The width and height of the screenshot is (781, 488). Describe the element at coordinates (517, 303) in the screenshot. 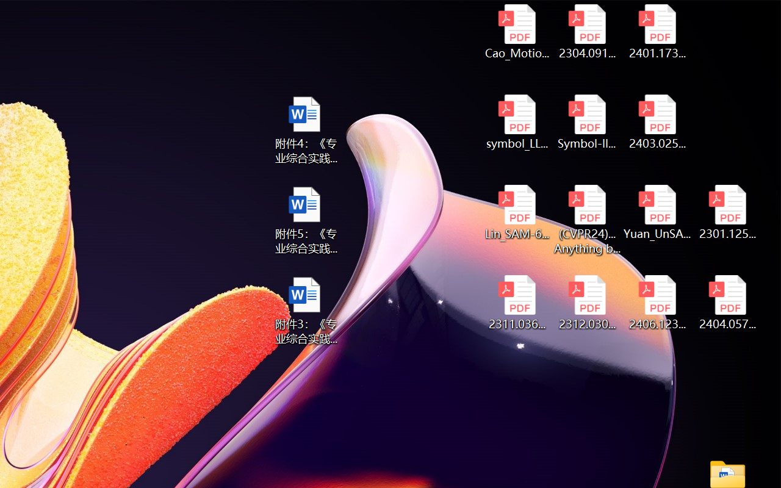

I see `'2311.03658v2.pdf'` at that location.